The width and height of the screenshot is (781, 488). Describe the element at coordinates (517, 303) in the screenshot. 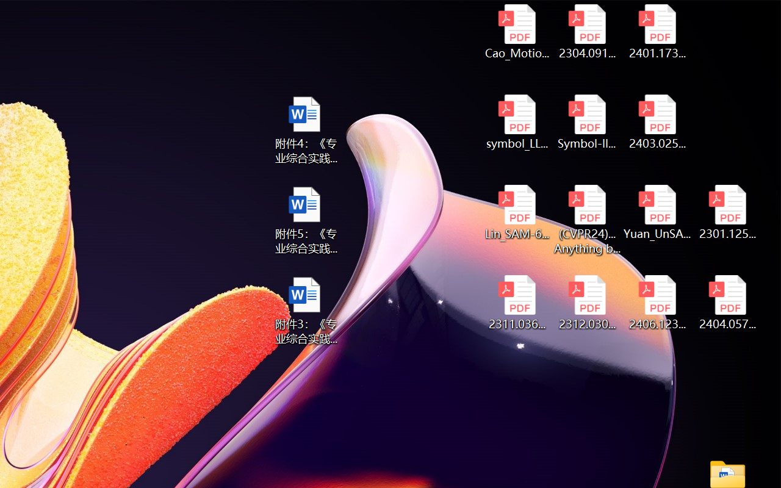

I see `'2311.03658v2.pdf'` at that location.